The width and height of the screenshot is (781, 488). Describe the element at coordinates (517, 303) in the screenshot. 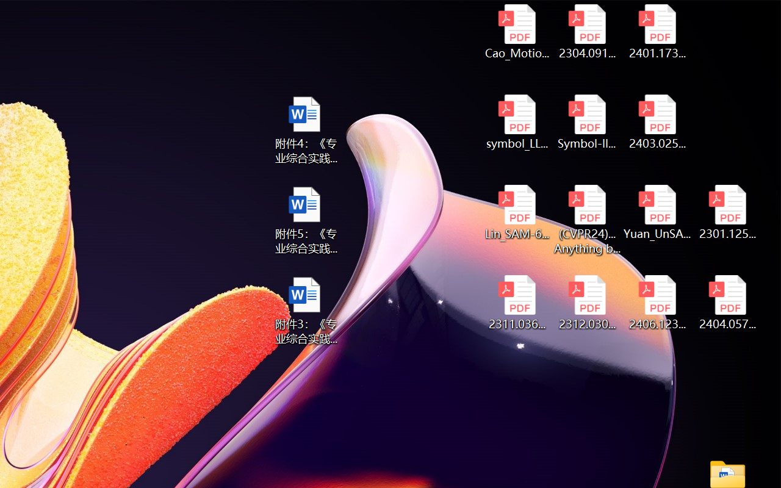

I see `'2311.03658v2.pdf'` at that location.